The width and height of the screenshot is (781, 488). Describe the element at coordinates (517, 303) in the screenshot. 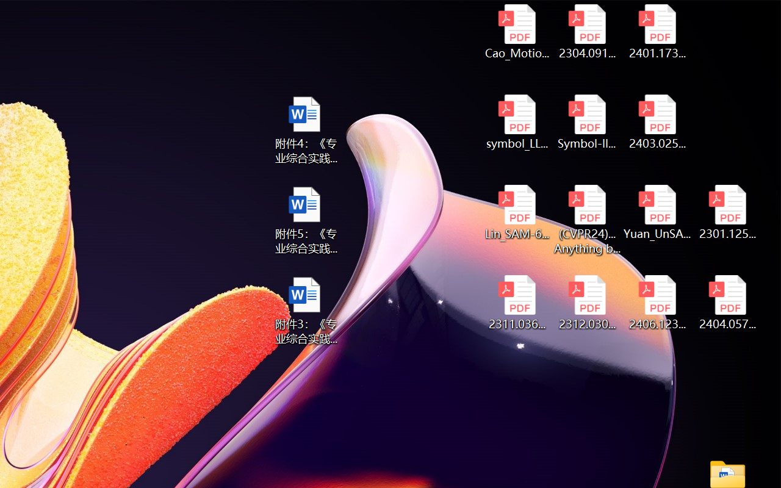

I see `'2311.03658v2.pdf'` at that location.